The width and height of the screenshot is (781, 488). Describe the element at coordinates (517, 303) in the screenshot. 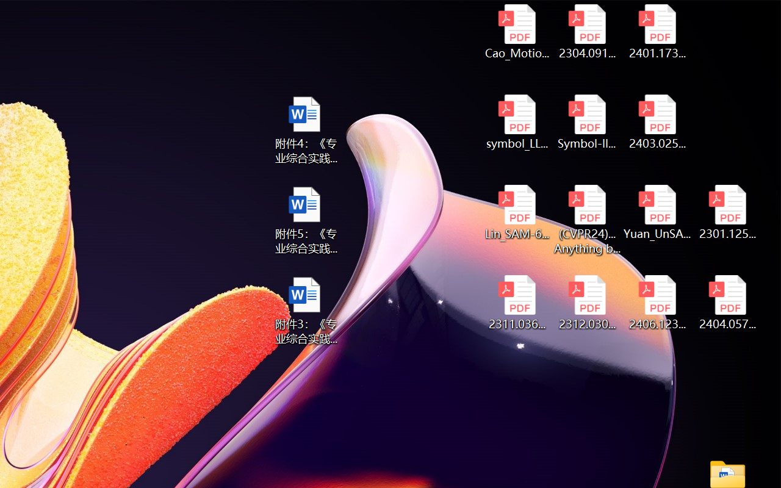

I see `'2311.03658v2.pdf'` at that location.